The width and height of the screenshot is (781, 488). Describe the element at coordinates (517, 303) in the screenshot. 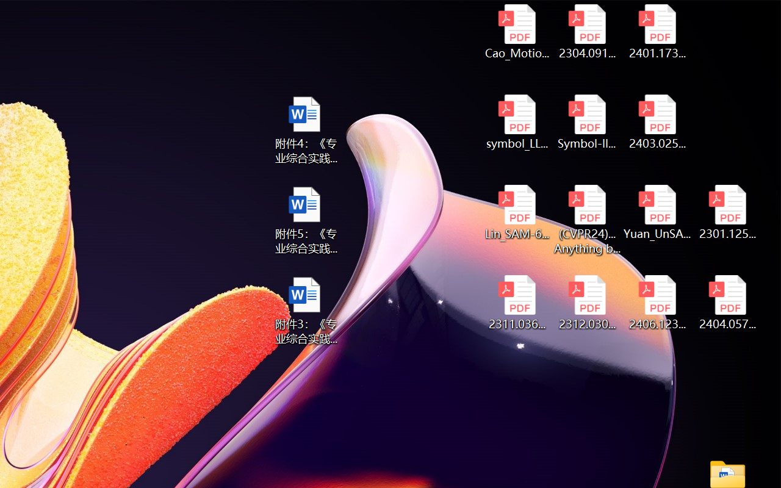

I see `'2311.03658v2.pdf'` at that location.